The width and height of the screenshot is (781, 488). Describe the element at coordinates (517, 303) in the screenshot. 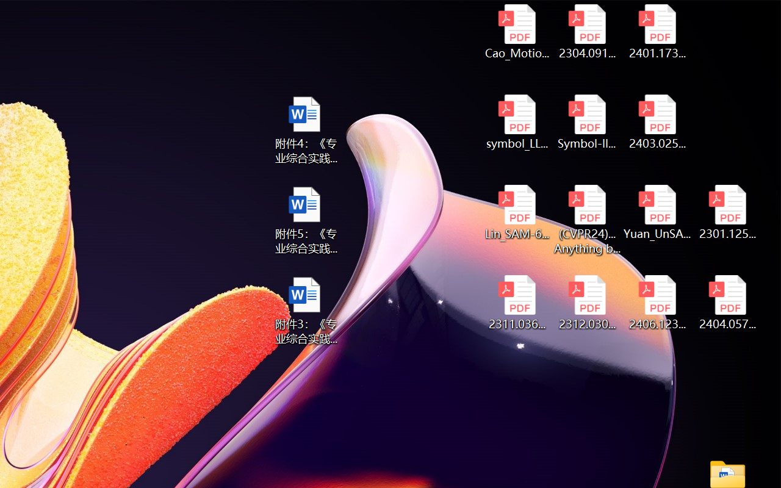

I see `'2311.03658v2.pdf'` at that location.